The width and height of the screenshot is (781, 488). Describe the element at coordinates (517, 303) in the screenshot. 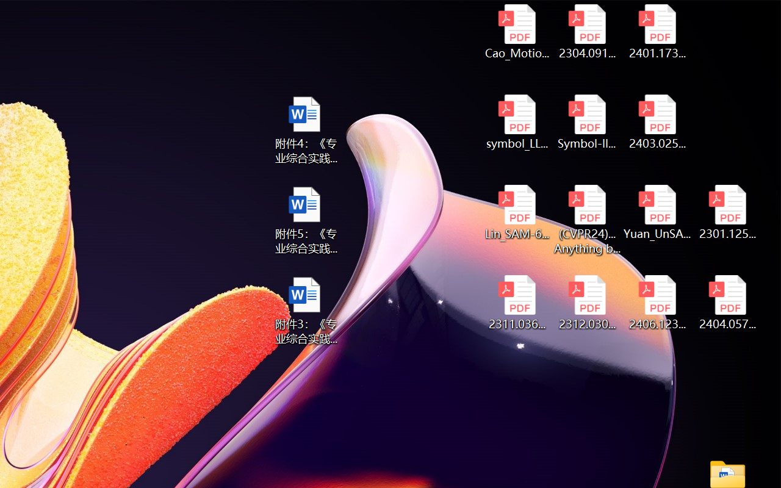

I see `'2311.03658v2.pdf'` at that location.